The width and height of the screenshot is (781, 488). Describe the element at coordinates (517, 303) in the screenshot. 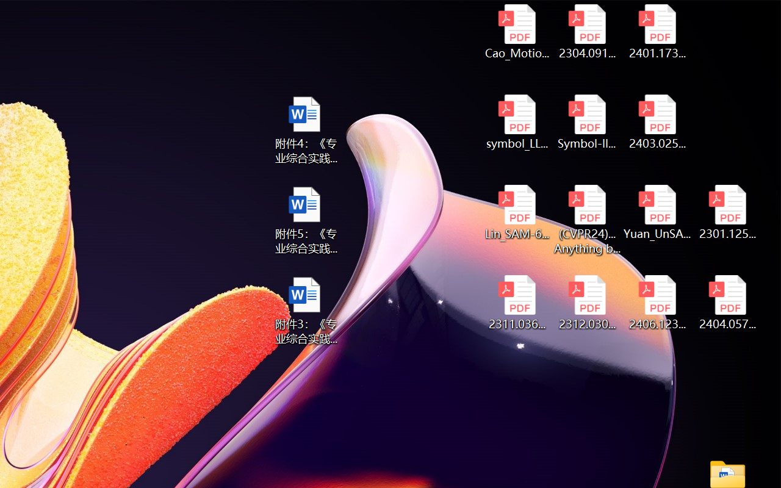

I see `'2311.03658v2.pdf'` at that location.